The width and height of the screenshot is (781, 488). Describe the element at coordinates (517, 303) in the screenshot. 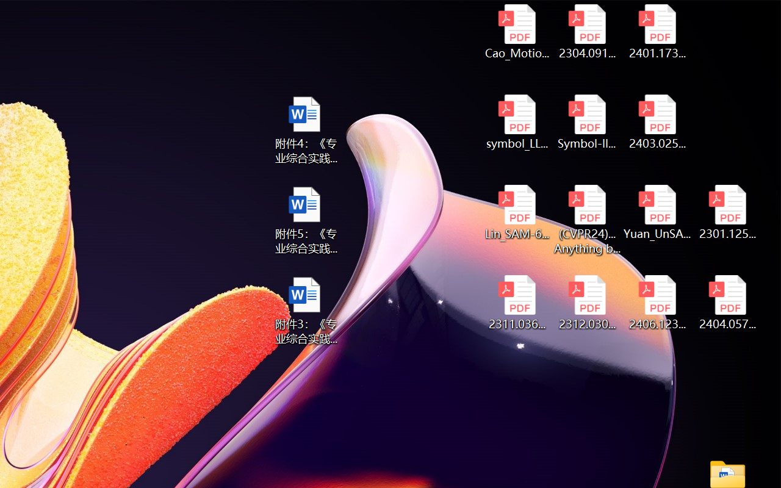

I see `'2311.03658v2.pdf'` at that location.